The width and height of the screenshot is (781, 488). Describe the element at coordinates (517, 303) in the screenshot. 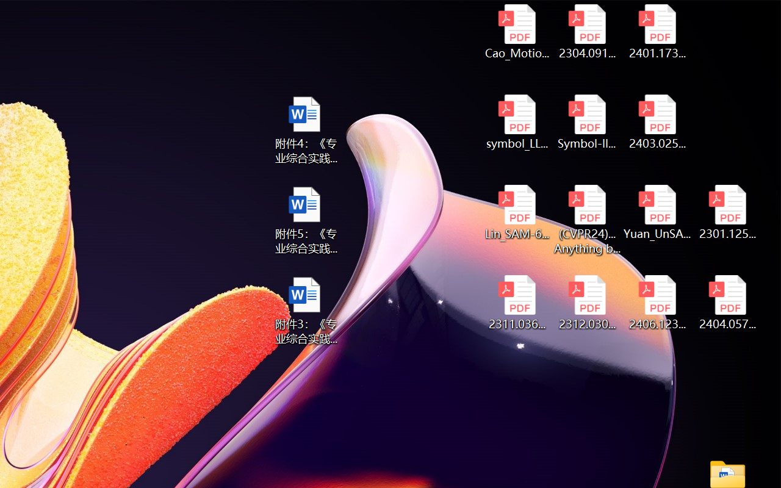

I see `'2311.03658v2.pdf'` at that location.